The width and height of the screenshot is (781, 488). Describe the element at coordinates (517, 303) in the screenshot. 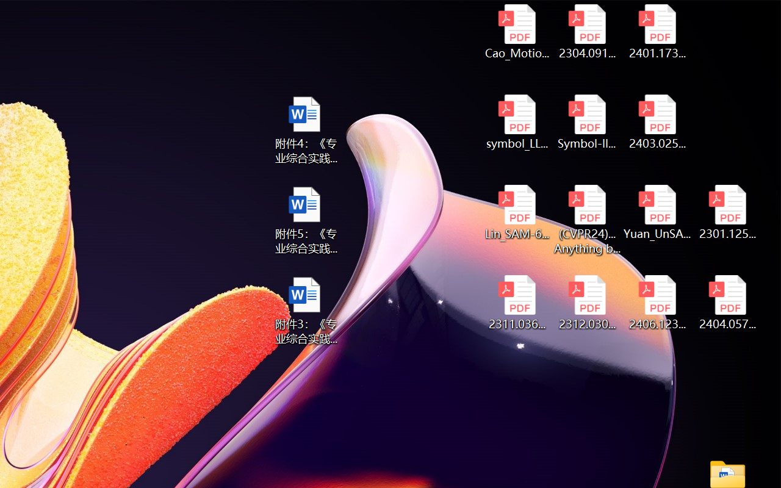

I see `'2311.03658v2.pdf'` at that location.